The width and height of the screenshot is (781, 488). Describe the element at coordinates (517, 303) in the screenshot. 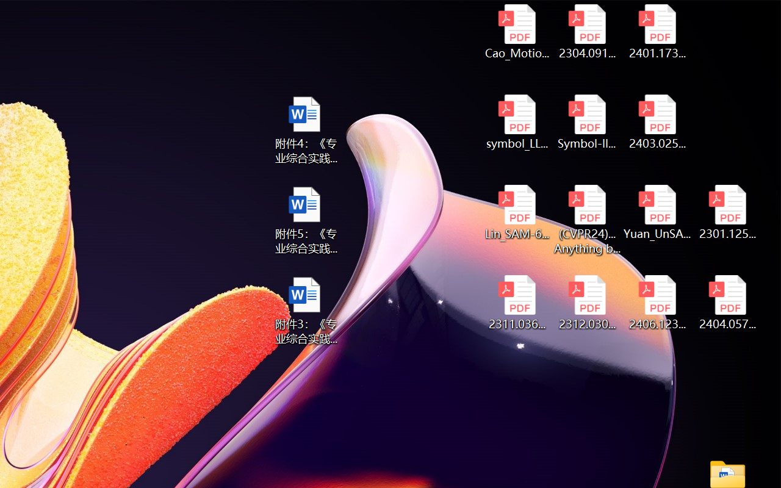

I see `'2311.03658v2.pdf'` at that location.